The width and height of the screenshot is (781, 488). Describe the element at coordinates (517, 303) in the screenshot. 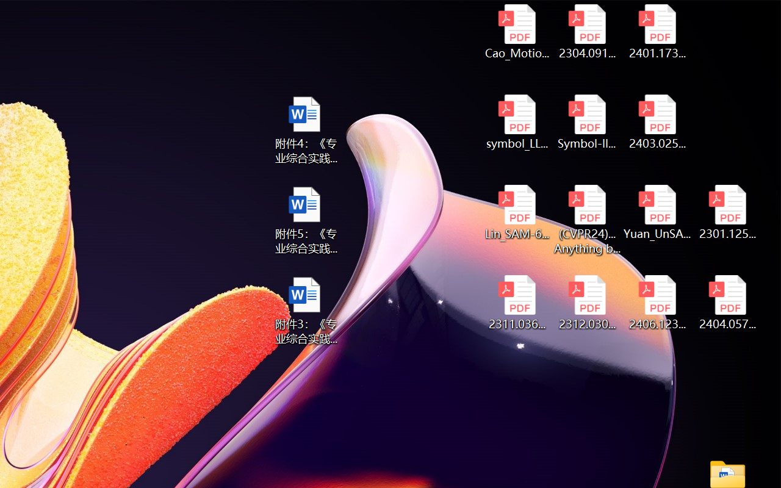

I see `'2311.03658v2.pdf'` at that location.